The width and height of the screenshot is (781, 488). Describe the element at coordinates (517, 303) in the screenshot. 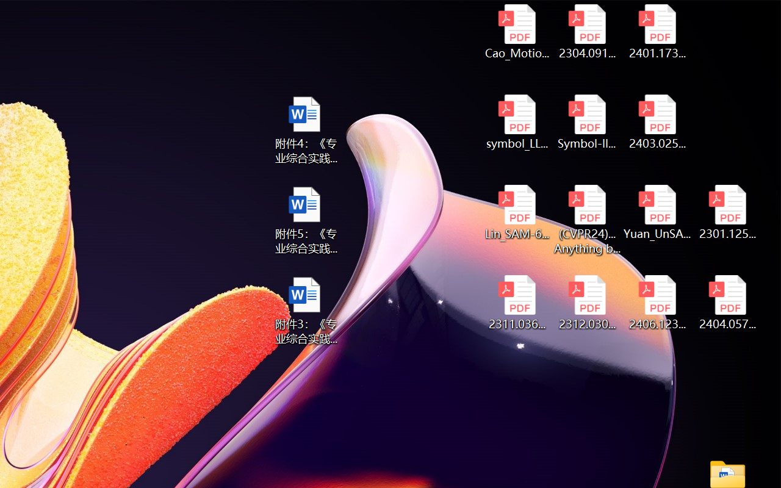

I see `'2311.03658v2.pdf'` at that location.